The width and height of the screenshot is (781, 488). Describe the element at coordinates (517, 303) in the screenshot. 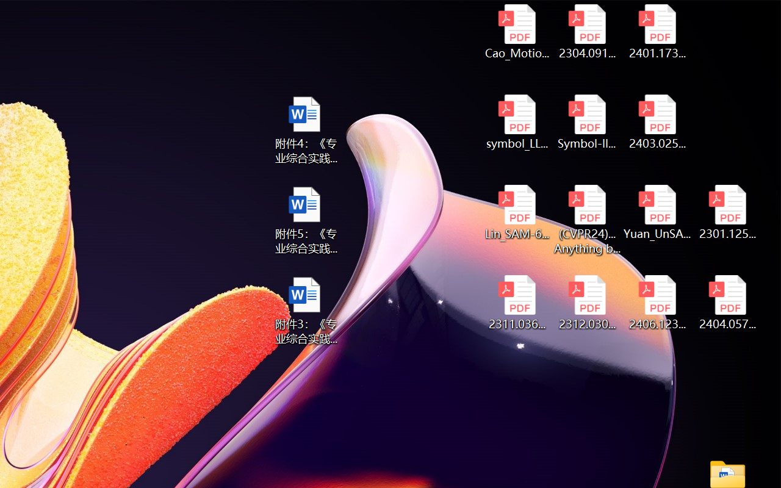

I see `'2311.03658v2.pdf'` at that location.